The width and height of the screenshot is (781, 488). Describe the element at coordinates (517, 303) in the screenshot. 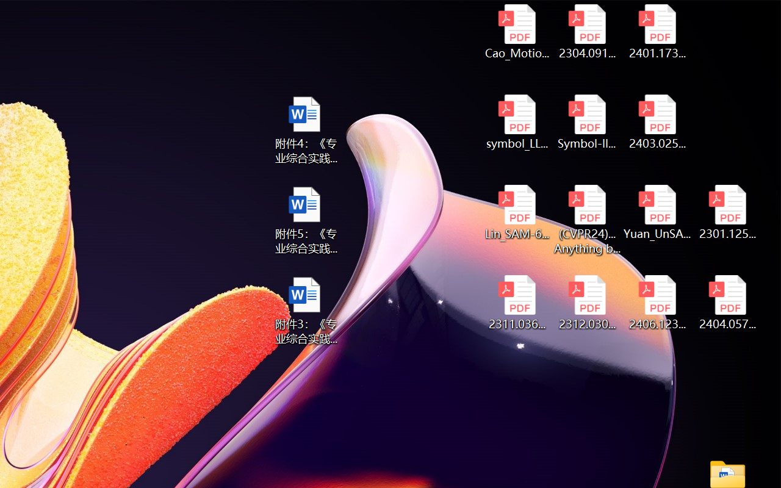

I see `'2311.03658v2.pdf'` at that location.